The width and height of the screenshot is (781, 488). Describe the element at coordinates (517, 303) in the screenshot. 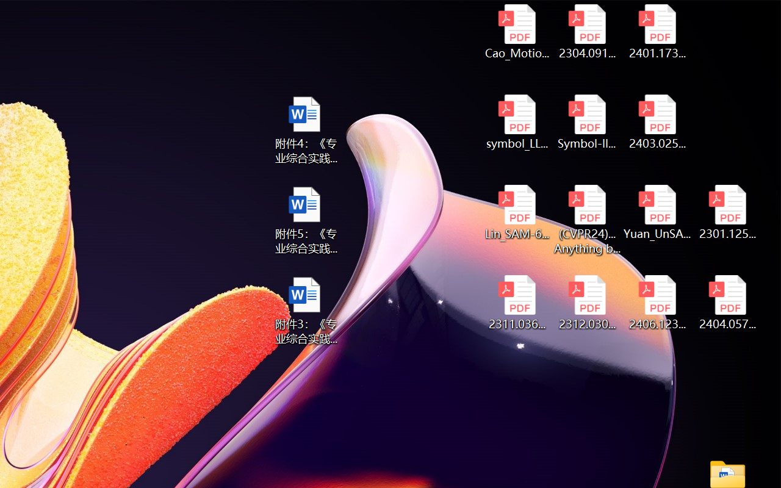

I see `'2311.03658v2.pdf'` at that location.